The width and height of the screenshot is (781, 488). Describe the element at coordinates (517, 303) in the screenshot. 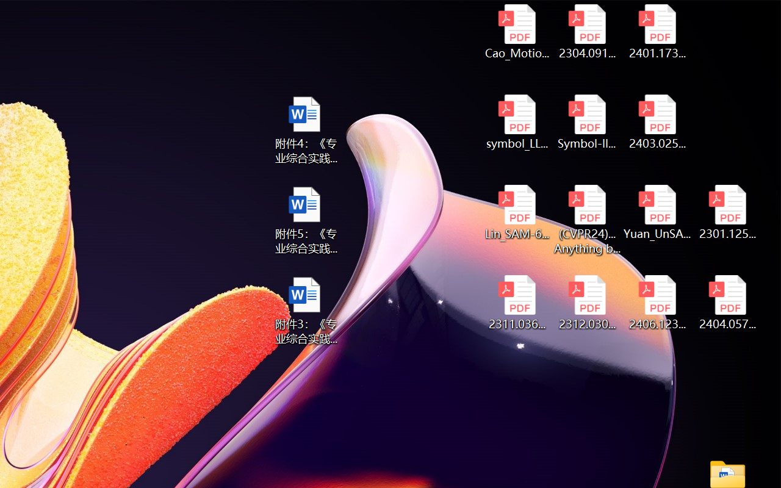

I see `'2311.03658v2.pdf'` at that location.